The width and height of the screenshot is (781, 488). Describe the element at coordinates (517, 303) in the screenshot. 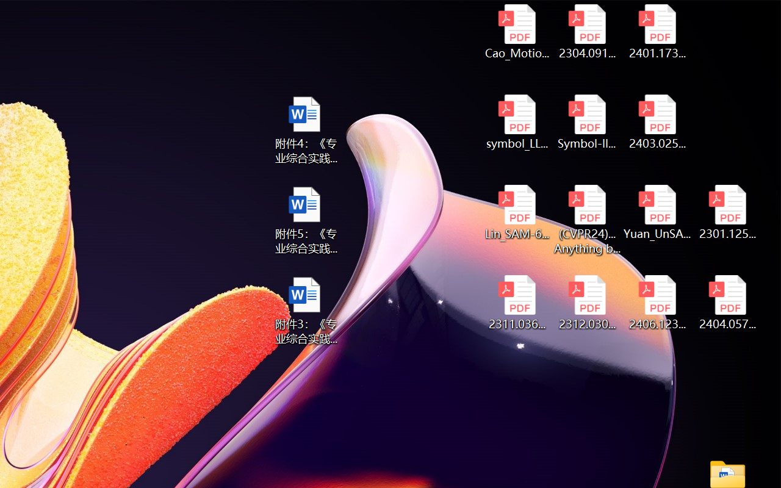

I see `'2311.03658v2.pdf'` at that location.